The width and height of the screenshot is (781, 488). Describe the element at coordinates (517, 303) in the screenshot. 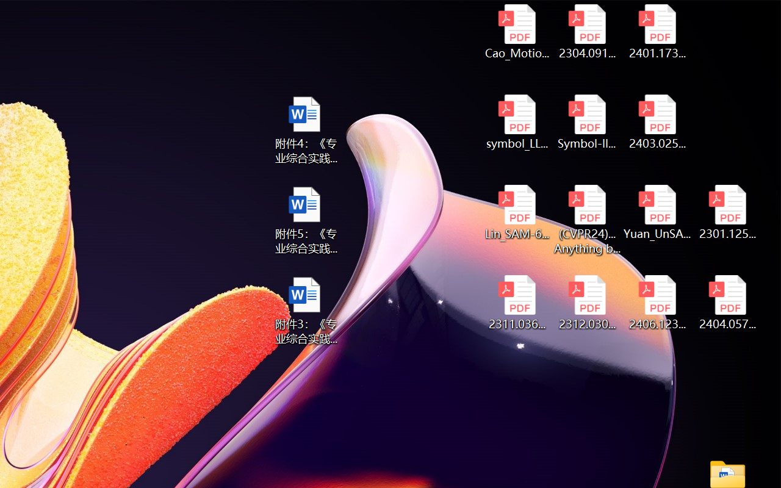

I see `'2311.03658v2.pdf'` at that location.